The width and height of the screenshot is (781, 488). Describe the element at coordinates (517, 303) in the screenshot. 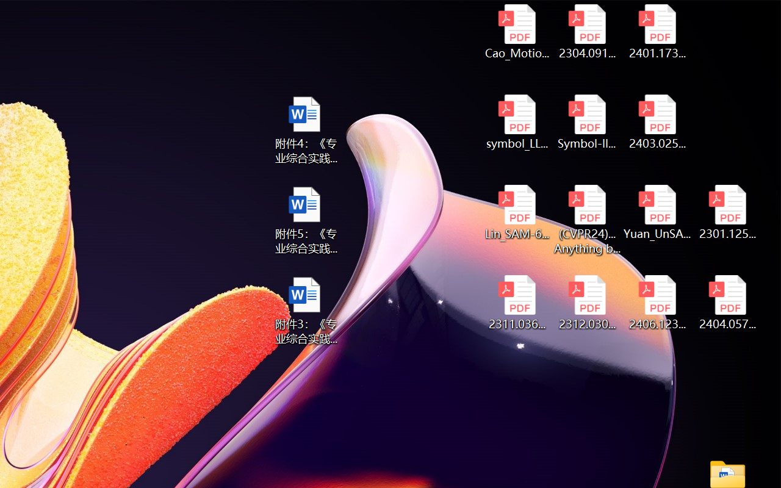

I see `'2311.03658v2.pdf'` at that location.